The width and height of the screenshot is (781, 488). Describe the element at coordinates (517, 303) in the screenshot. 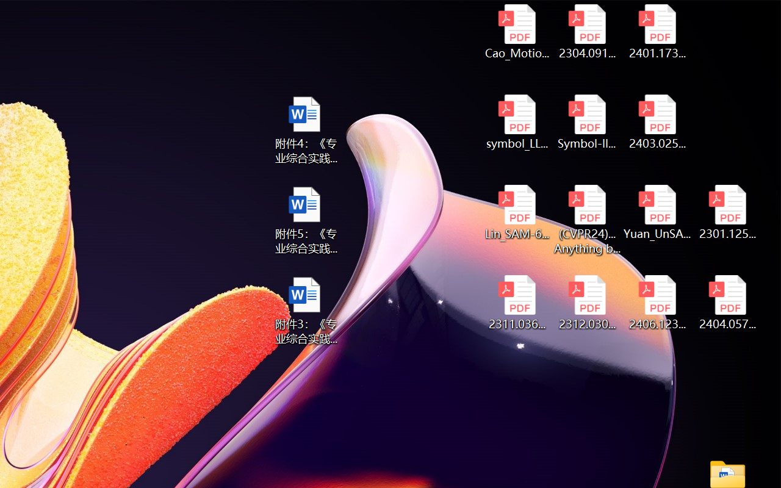

I see `'2311.03658v2.pdf'` at that location.